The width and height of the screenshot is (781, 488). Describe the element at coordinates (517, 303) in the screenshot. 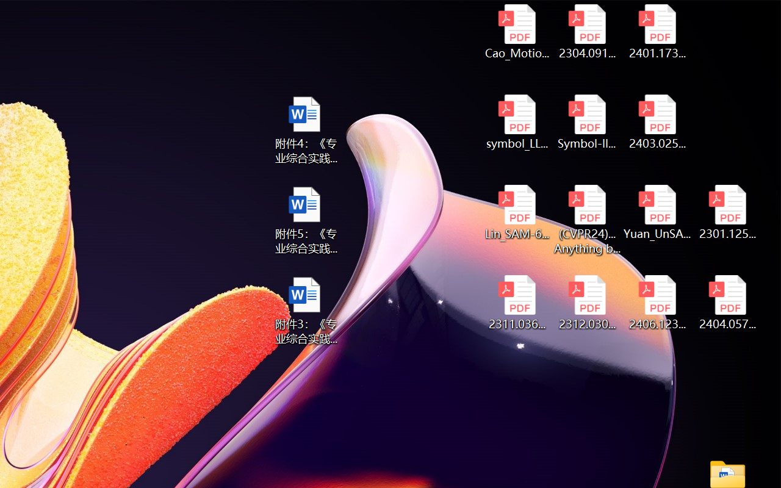

I see `'2311.03658v2.pdf'` at that location.